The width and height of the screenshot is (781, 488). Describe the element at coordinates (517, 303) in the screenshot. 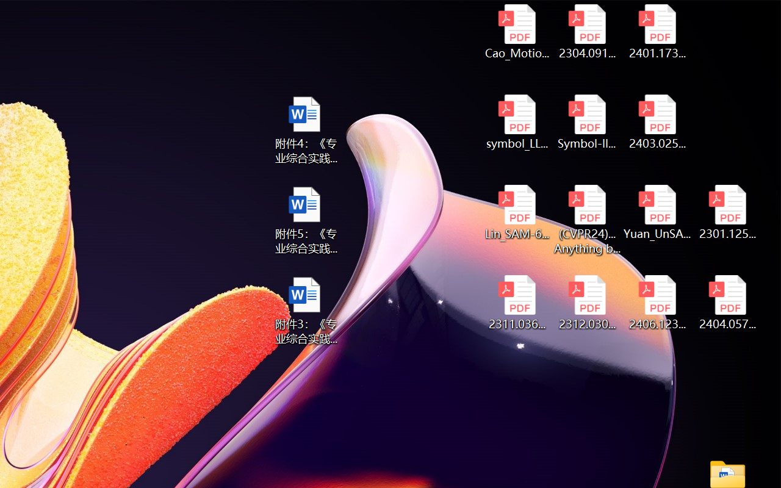

I see `'2311.03658v2.pdf'` at that location.